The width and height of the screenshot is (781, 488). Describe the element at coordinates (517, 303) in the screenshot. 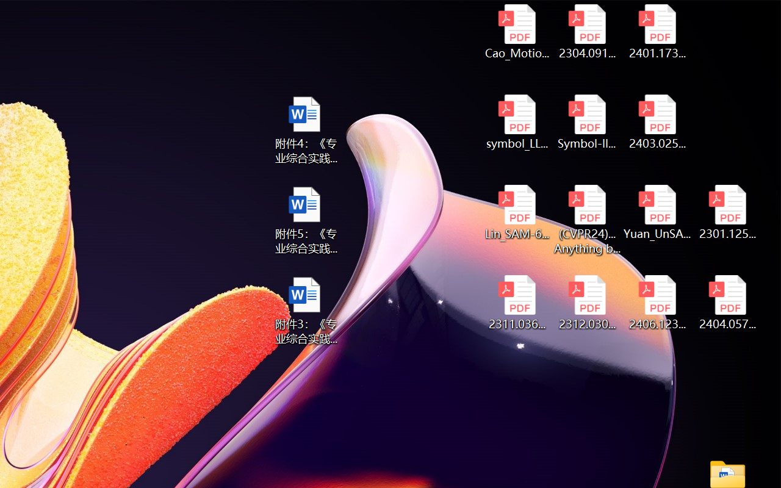

I see `'2311.03658v2.pdf'` at that location.